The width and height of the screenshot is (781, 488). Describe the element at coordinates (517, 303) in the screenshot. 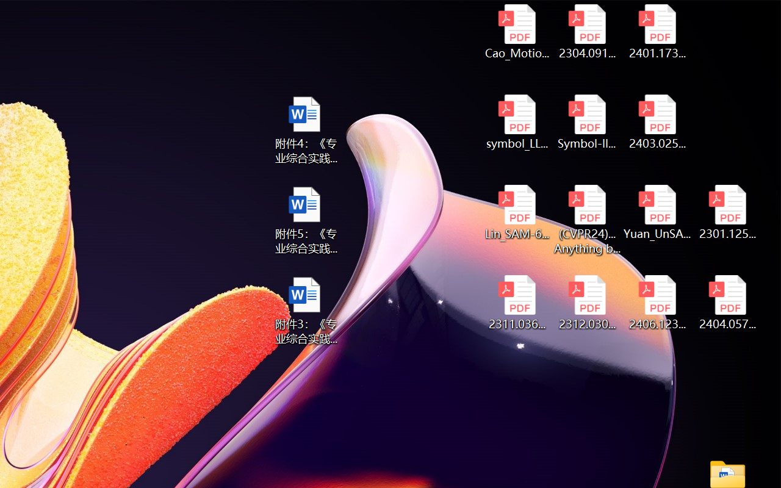

I see `'2311.03658v2.pdf'` at that location.